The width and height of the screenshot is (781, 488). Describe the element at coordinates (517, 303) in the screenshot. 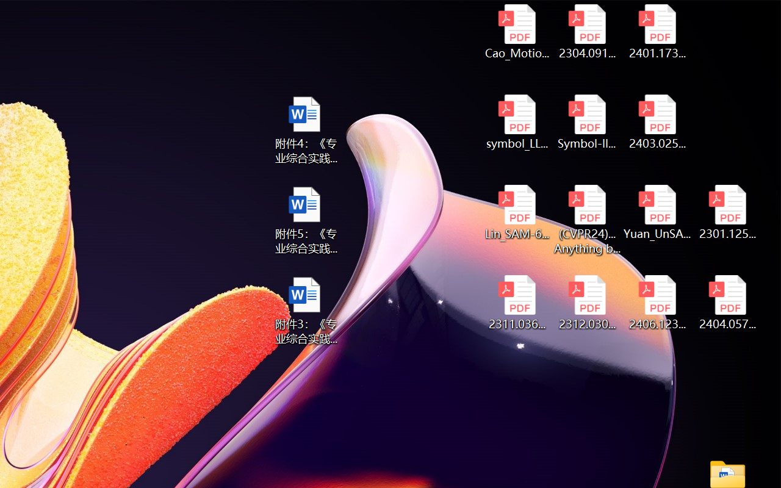

I see `'2311.03658v2.pdf'` at that location.